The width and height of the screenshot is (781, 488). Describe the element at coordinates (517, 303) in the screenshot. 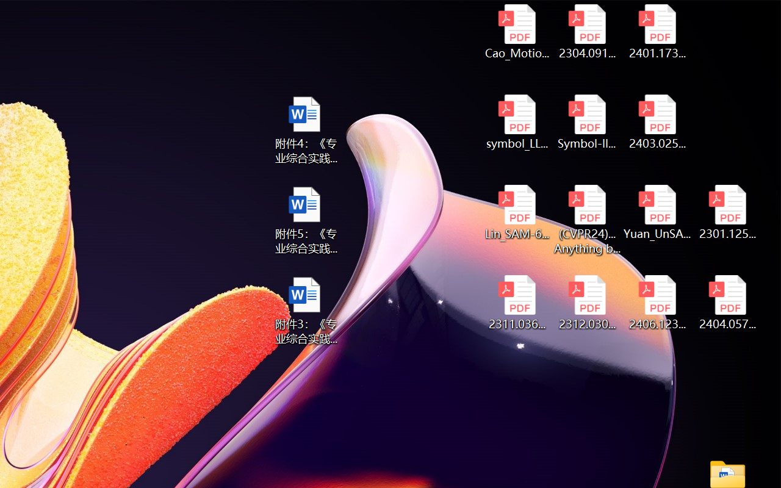

I see `'2311.03658v2.pdf'` at that location.